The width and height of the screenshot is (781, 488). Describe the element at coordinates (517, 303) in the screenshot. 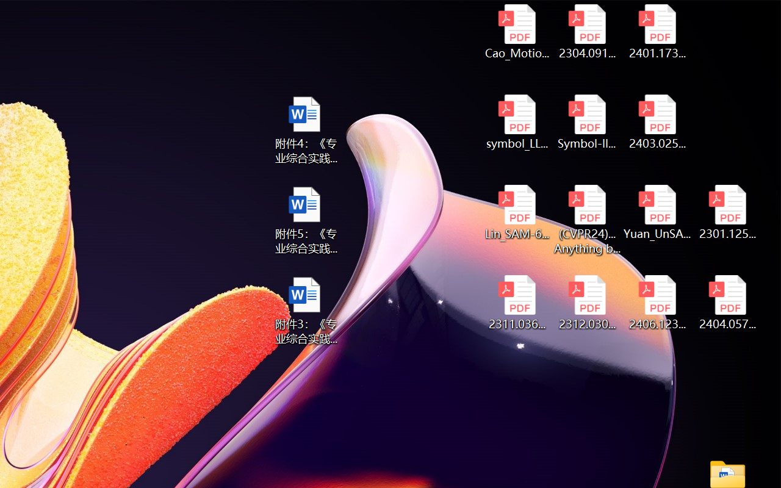

I see `'2311.03658v2.pdf'` at that location.